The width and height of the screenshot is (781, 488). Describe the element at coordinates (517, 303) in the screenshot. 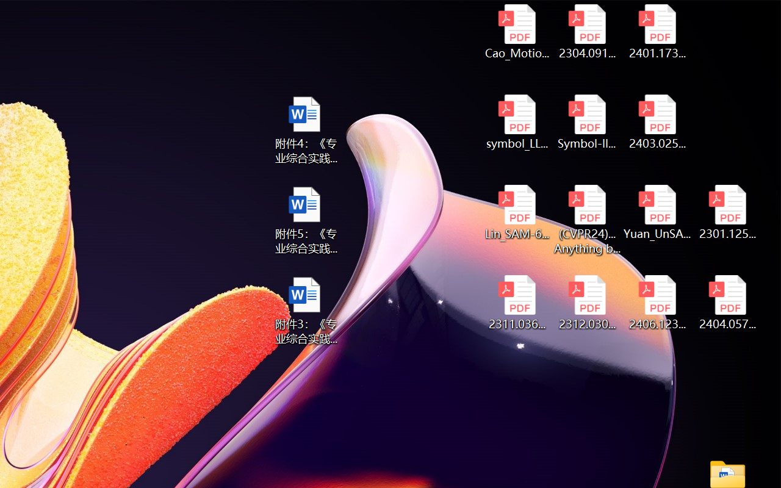

I see `'2311.03658v2.pdf'` at that location.